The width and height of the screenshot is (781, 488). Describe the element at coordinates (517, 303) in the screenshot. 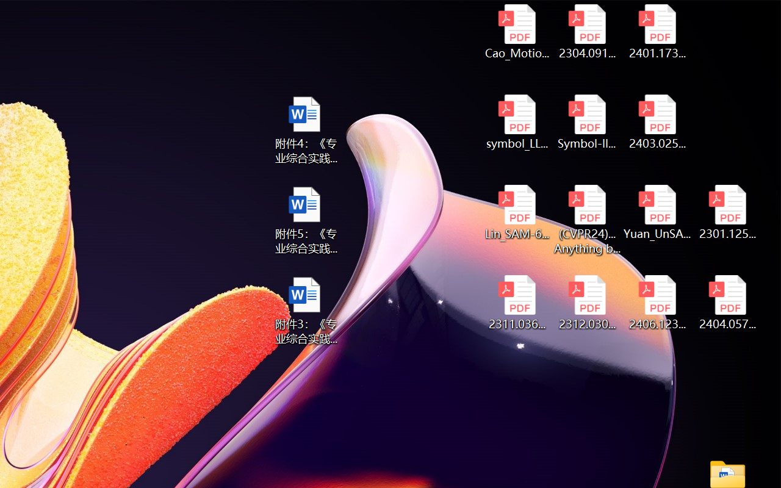

I see `'2311.03658v2.pdf'` at that location.